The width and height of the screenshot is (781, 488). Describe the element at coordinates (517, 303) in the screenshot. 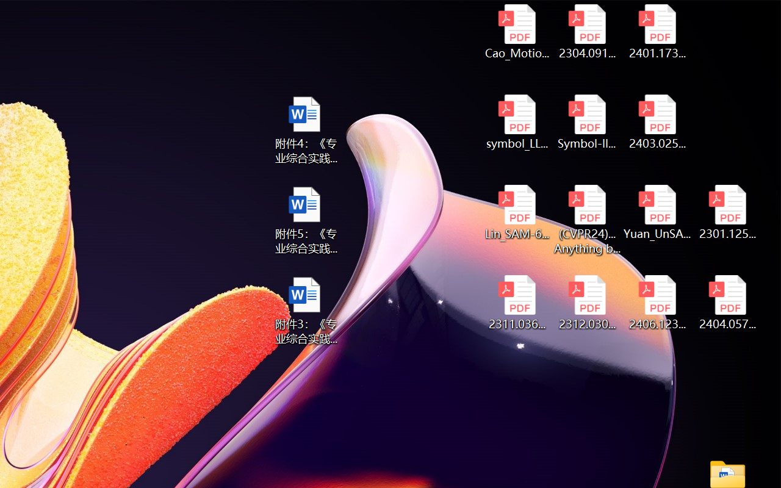

I see `'2311.03658v2.pdf'` at that location.